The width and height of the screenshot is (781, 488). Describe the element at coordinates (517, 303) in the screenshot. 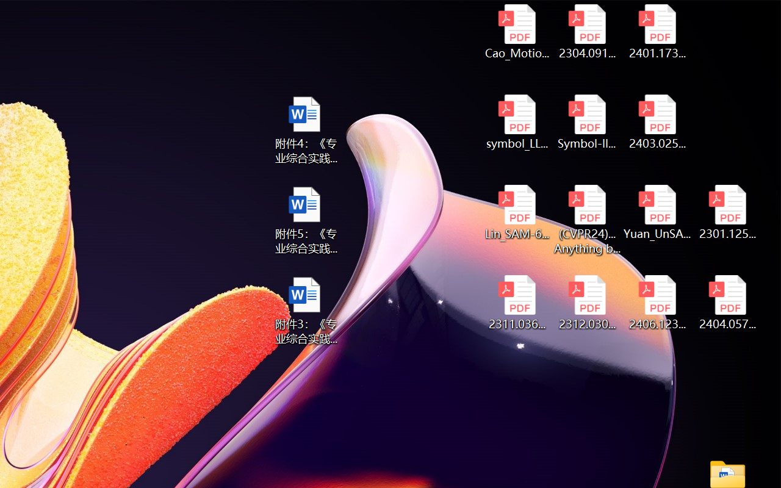

I see `'2311.03658v2.pdf'` at that location.